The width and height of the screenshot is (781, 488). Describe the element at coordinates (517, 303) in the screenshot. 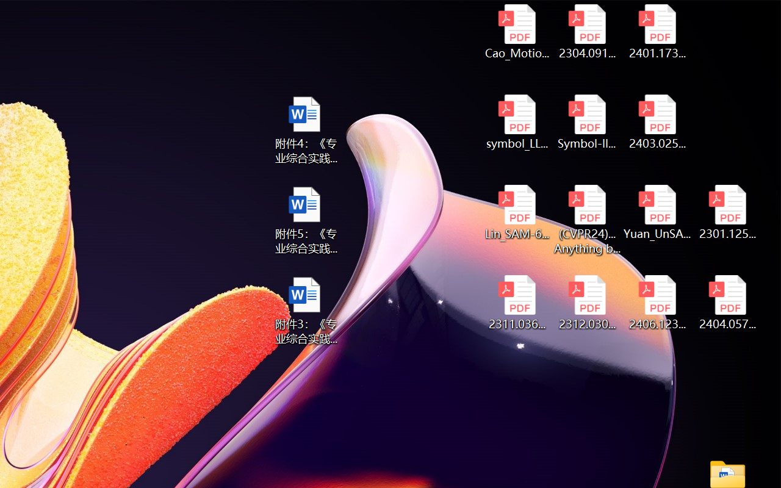

I see `'2311.03658v2.pdf'` at that location.